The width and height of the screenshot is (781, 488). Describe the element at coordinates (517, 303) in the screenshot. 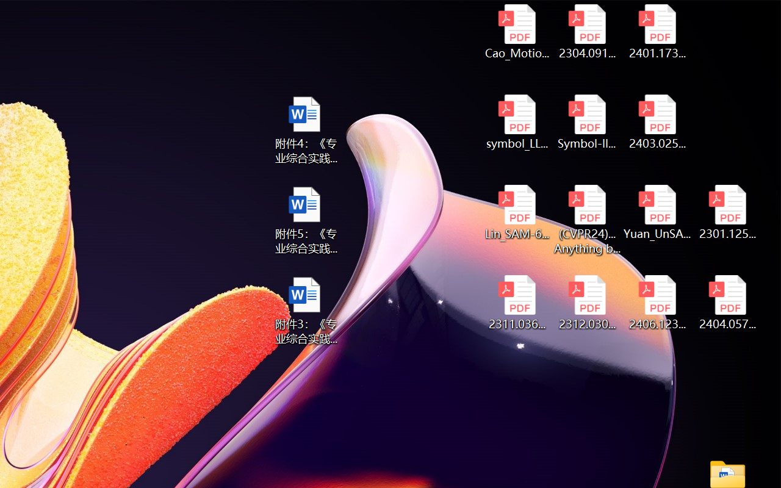

I see `'2311.03658v2.pdf'` at that location.